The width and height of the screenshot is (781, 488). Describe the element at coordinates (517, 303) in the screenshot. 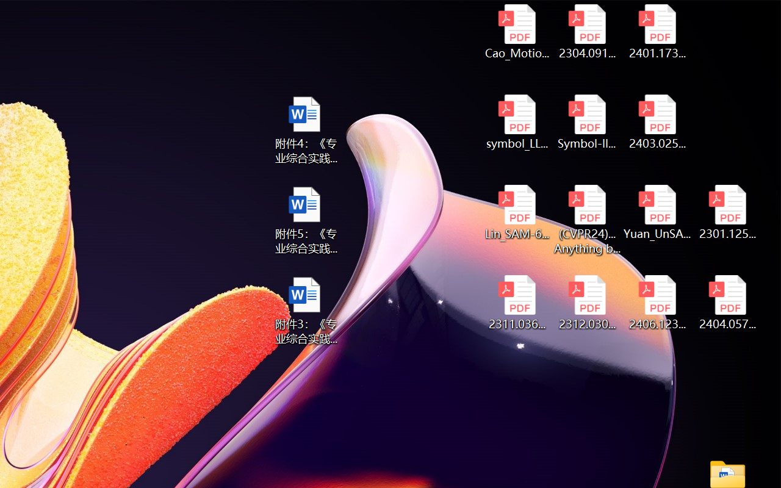

I see `'2311.03658v2.pdf'` at that location.